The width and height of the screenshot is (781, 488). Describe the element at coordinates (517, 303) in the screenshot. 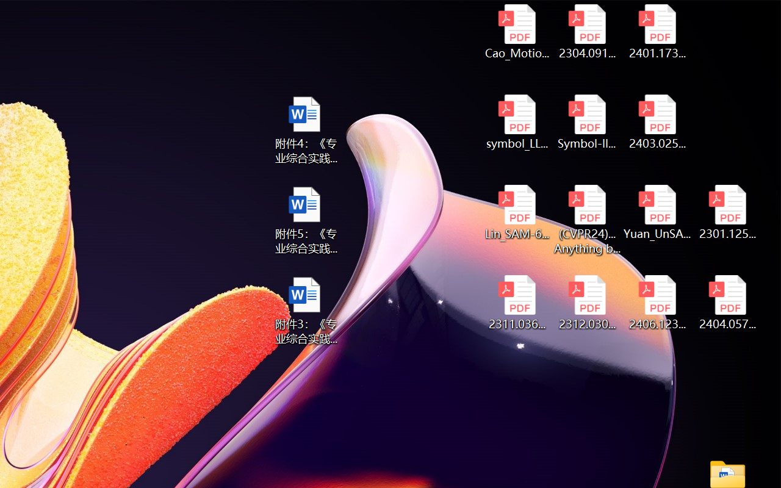

I see `'2311.03658v2.pdf'` at that location.